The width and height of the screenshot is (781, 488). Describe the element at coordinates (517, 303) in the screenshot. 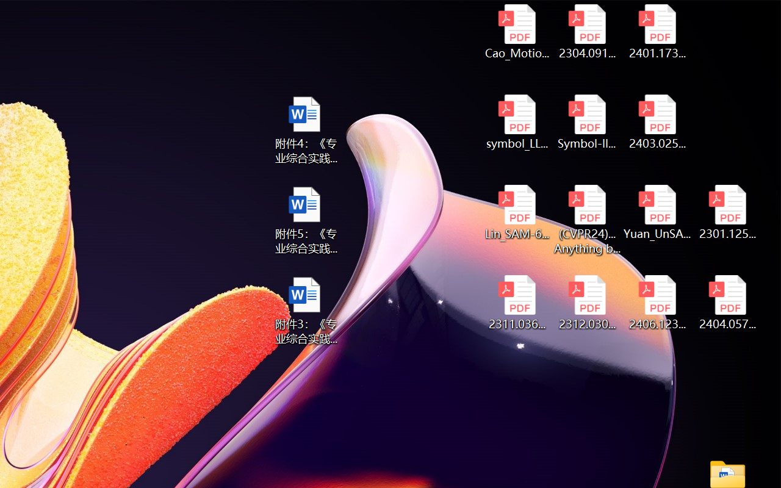

I see `'2311.03658v2.pdf'` at that location.